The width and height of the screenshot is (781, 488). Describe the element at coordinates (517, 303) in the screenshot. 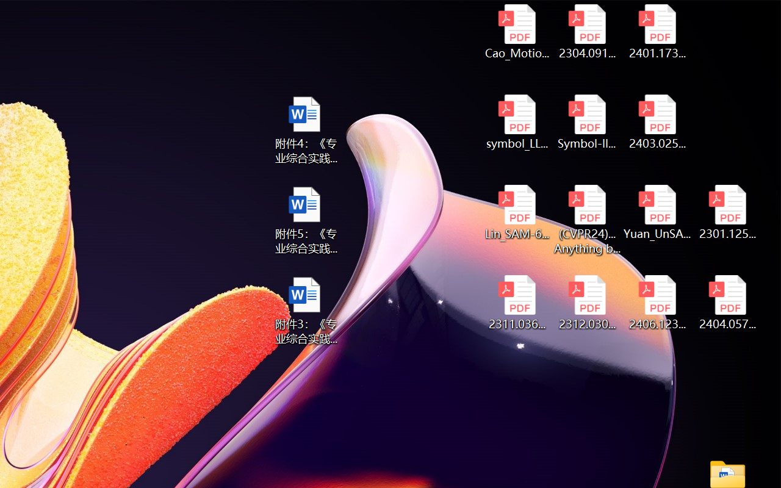

I see `'2311.03658v2.pdf'` at that location.